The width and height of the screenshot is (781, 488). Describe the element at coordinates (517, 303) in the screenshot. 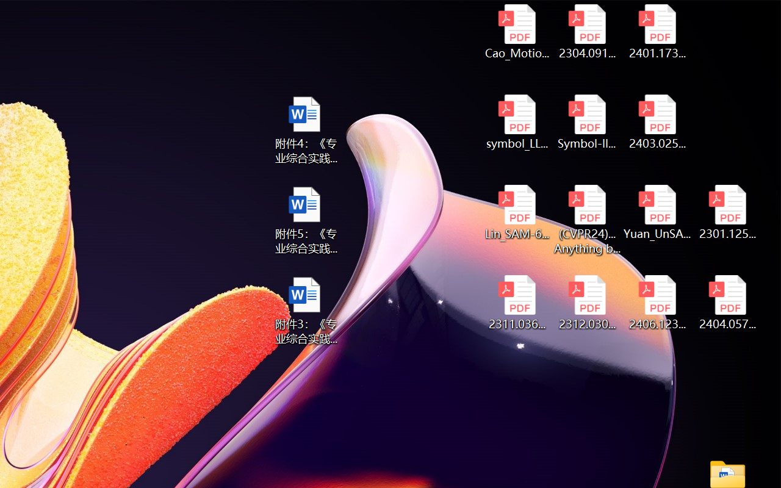

I see `'2311.03658v2.pdf'` at that location.